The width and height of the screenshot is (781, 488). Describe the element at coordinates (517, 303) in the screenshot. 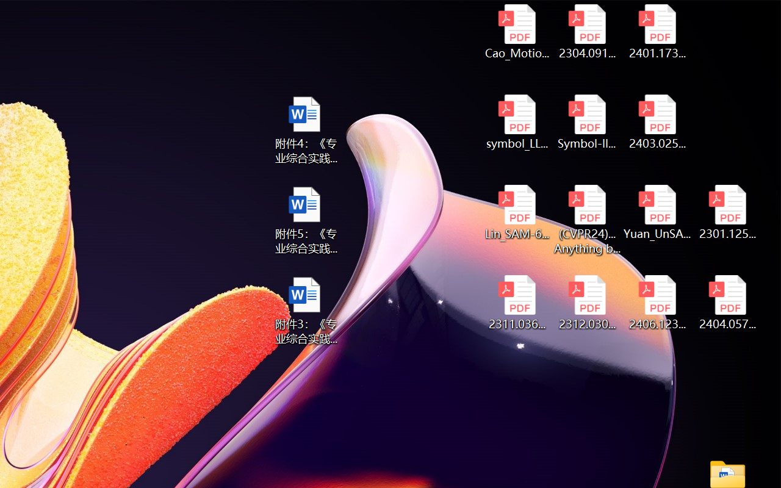

I see `'2311.03658v2.pdf'` at that location.